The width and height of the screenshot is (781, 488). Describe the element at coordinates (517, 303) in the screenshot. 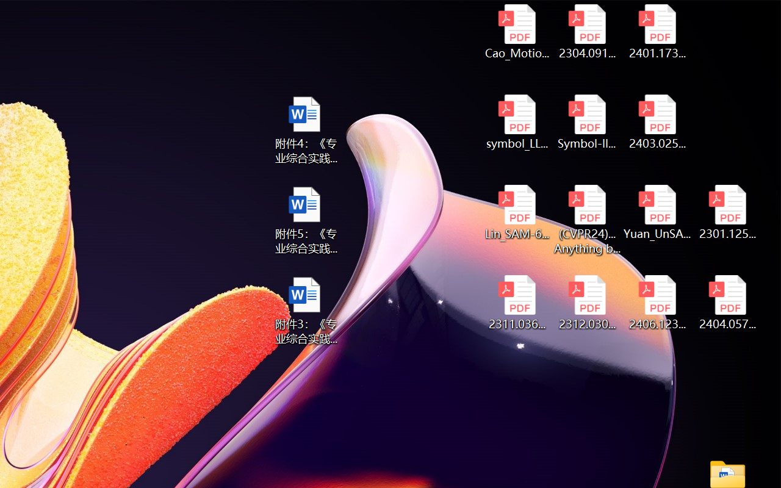

I see `'2311.03658v2.pdf'` at that location.